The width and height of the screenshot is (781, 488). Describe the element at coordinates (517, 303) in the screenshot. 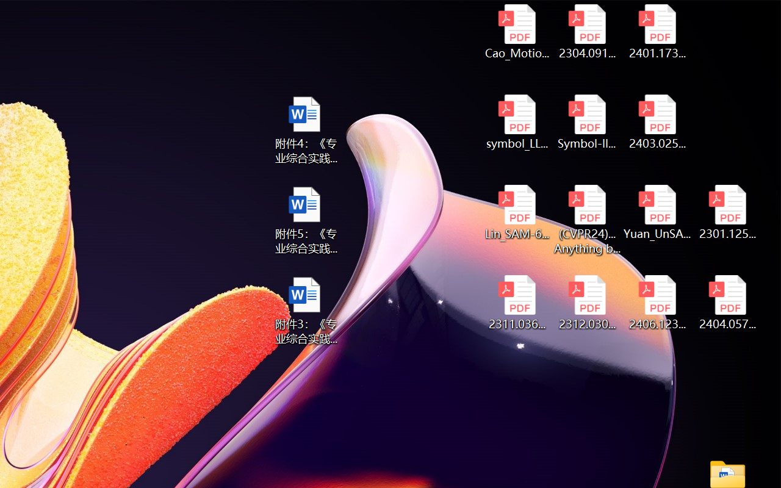

I see `'2311.03658v2.pdf'` at that location.